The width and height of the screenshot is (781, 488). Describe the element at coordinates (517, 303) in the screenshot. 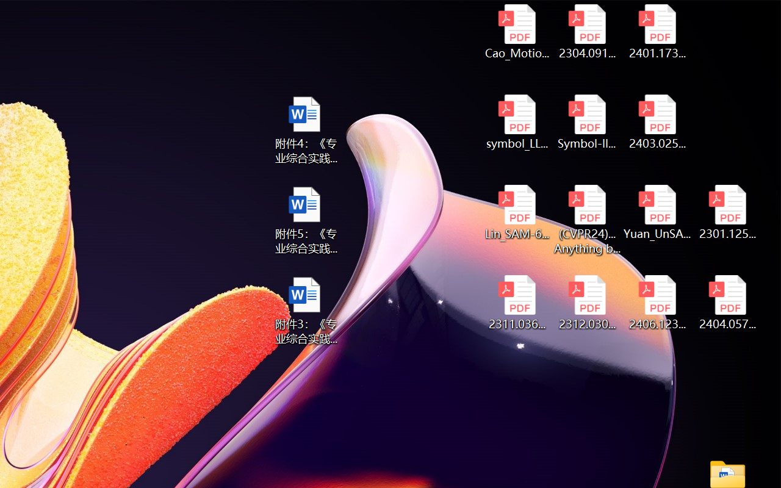

I see `'2311.03658v2.pdf'` at that location.